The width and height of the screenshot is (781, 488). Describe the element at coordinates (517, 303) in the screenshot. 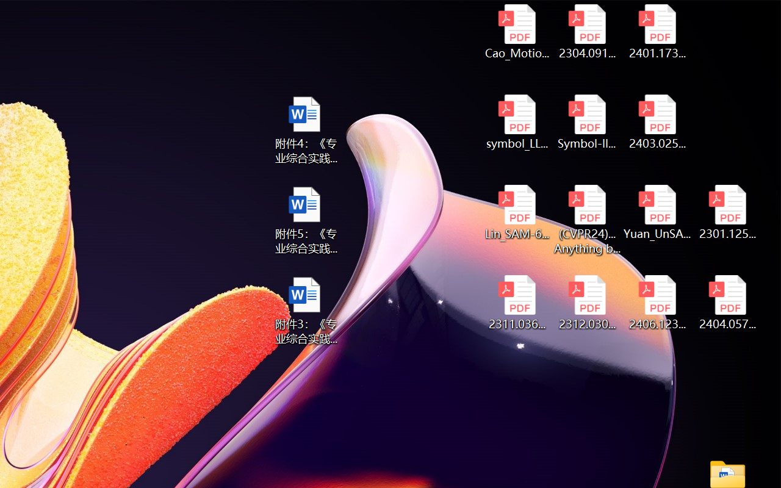

I see `'2311.03658v2.pdf'` at that location.